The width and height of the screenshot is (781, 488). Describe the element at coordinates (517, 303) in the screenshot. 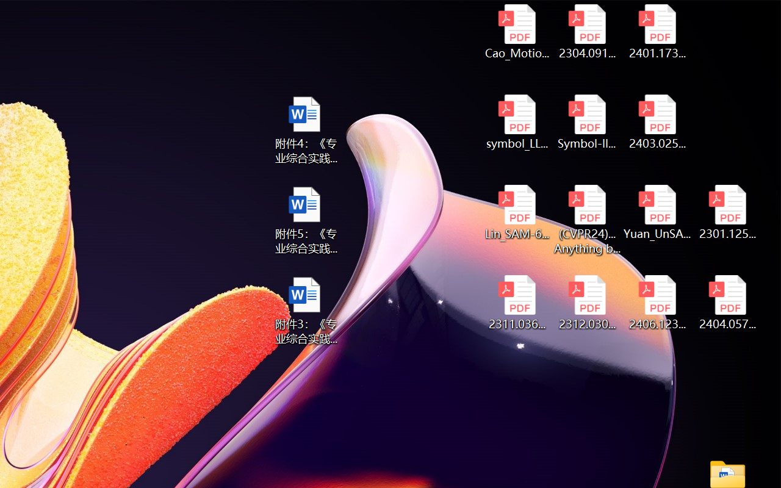

I see `'2311.03658v2.pdf'` at that location.